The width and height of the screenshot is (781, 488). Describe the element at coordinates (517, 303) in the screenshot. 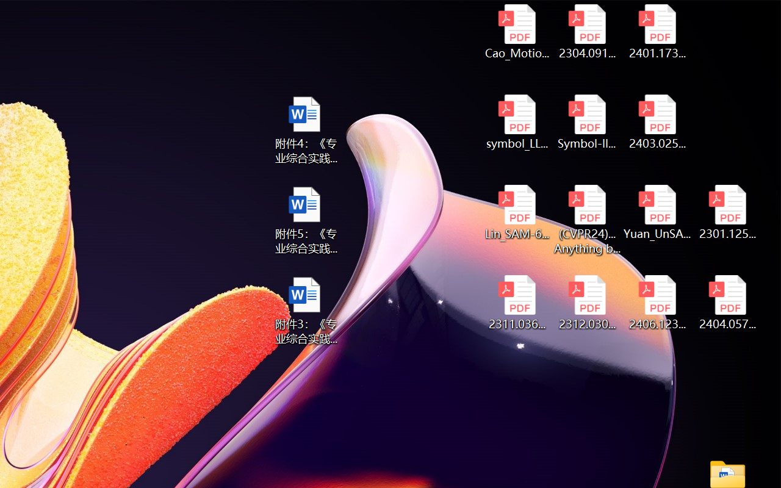

I see `'2311.03658v2.pdf'` at that location.